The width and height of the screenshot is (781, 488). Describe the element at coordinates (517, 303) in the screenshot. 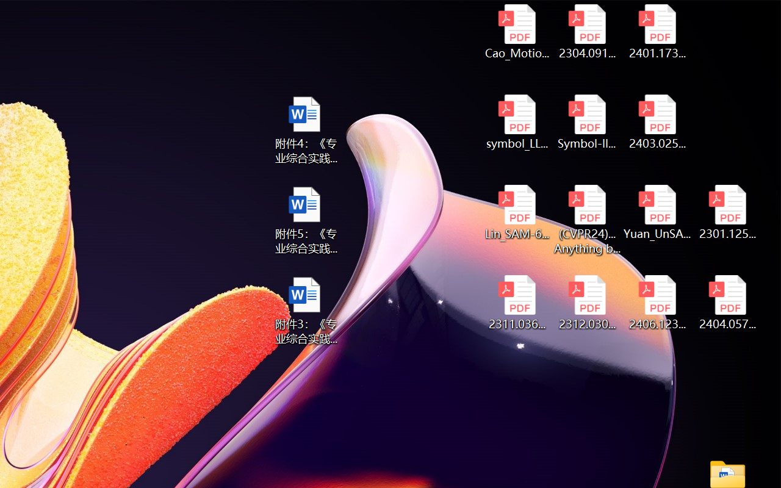

I see `'2311.03658v2.pdf'` at that location.